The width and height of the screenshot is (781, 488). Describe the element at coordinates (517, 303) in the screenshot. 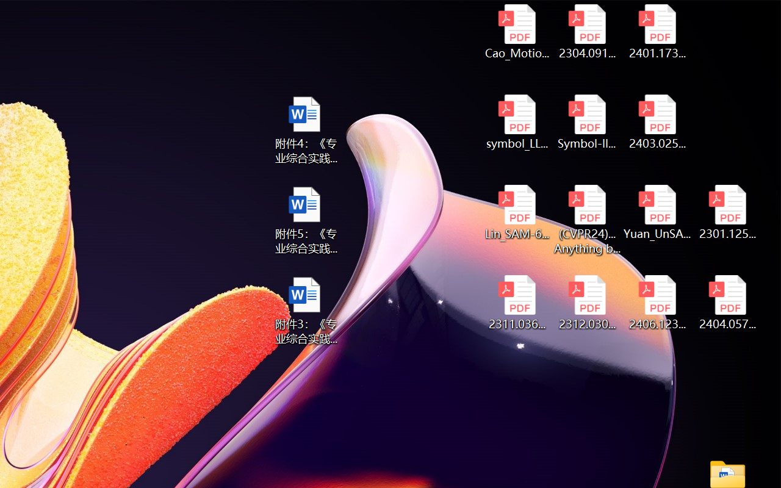

I see `'2311.03658v2.pdf'` at that location.